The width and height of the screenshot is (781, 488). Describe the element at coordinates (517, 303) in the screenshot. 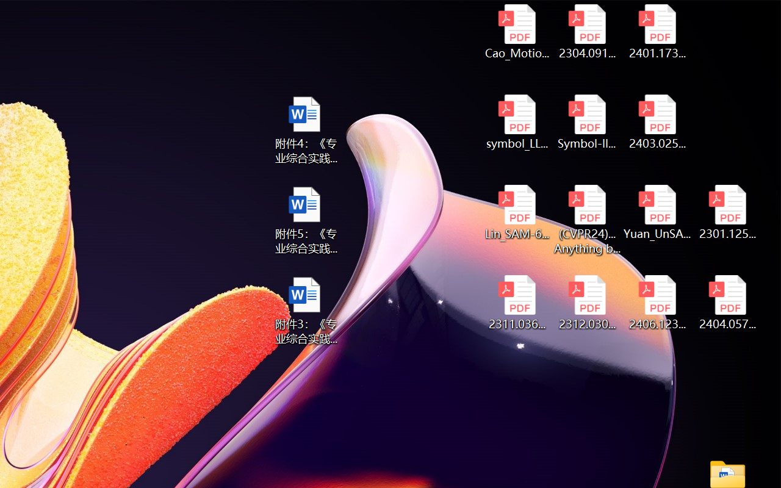

I see `'2311.03658v2.pdf'` at that location.